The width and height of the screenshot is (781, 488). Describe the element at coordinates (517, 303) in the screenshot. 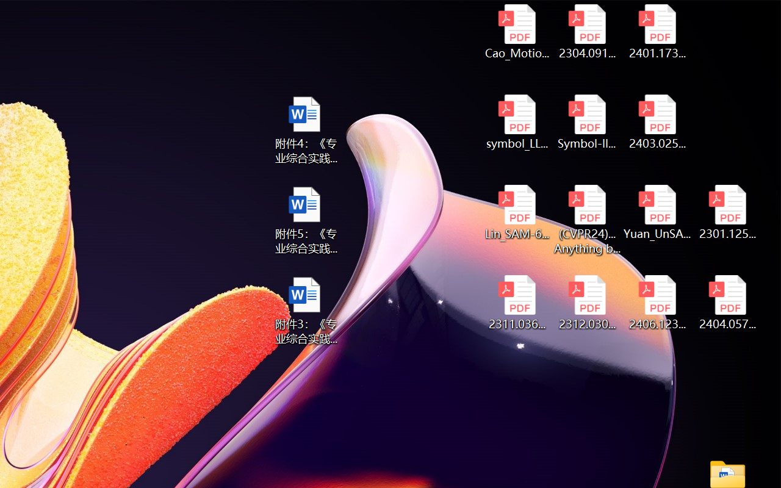

I see `'2311.03658v2.pdf'` at that location.